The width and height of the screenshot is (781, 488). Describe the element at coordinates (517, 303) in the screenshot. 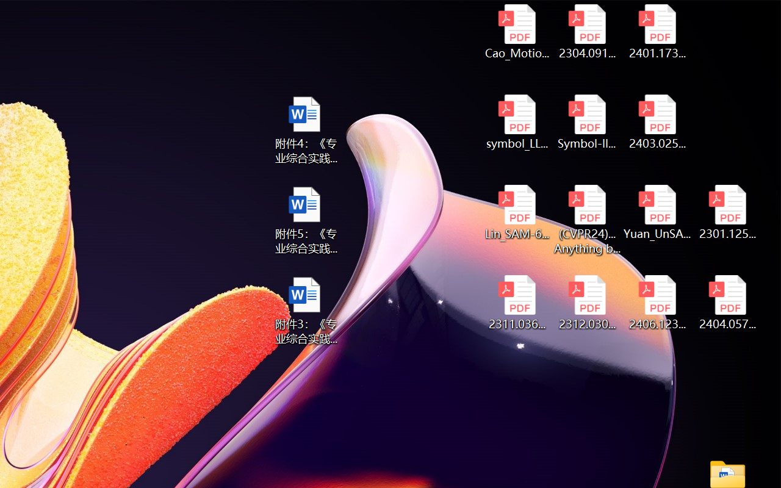

I see `'2311.03658v2.pdf'` at that location.